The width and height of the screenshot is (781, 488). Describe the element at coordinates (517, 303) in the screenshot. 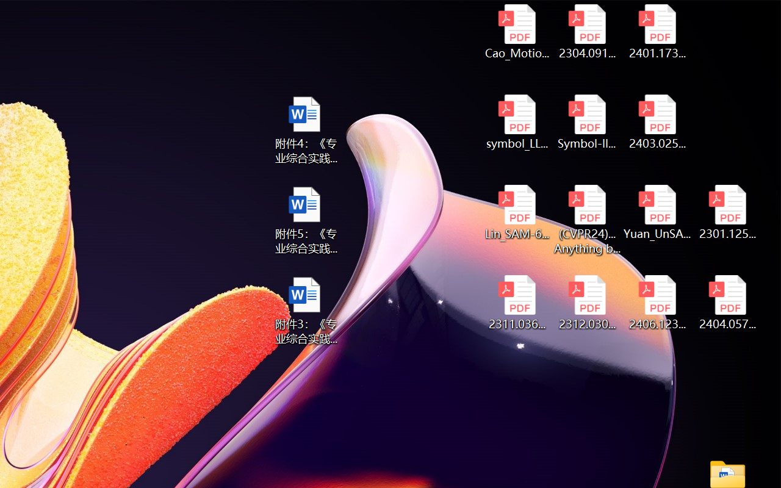

I see `'2311.03658v2.pdf'` at that location.